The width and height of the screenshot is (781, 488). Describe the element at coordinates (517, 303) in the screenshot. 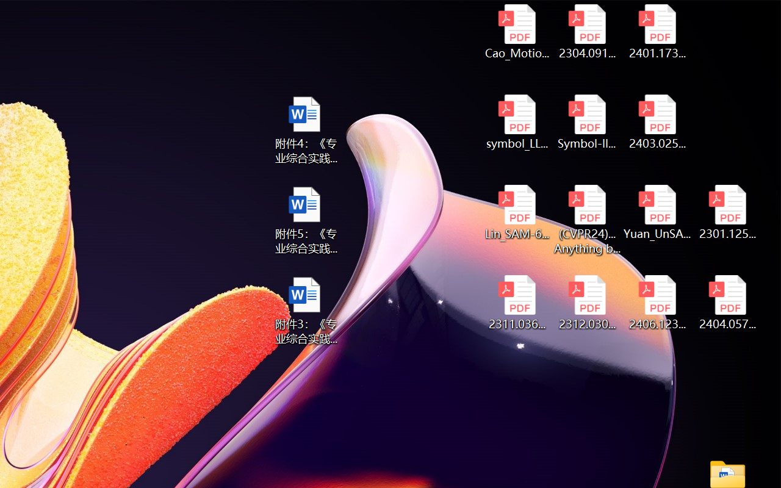

I see `'2311.03658v2.pdf'` at that location.